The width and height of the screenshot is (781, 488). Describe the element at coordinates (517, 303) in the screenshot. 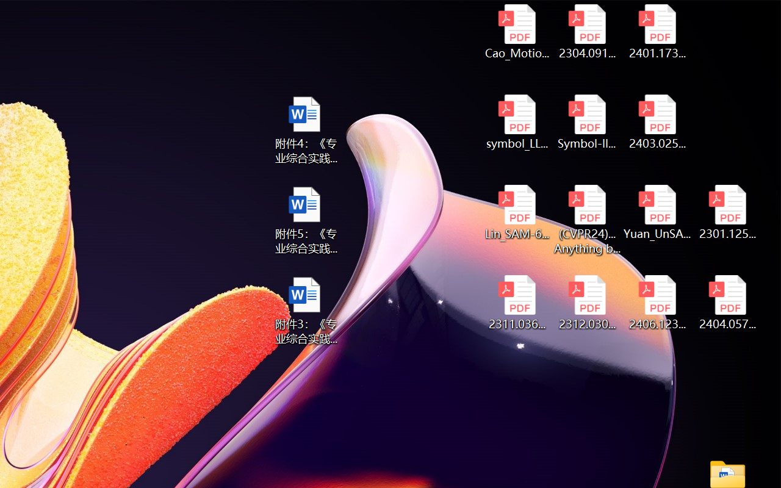

I see `'2311.03658v2.pdf'` at that location.